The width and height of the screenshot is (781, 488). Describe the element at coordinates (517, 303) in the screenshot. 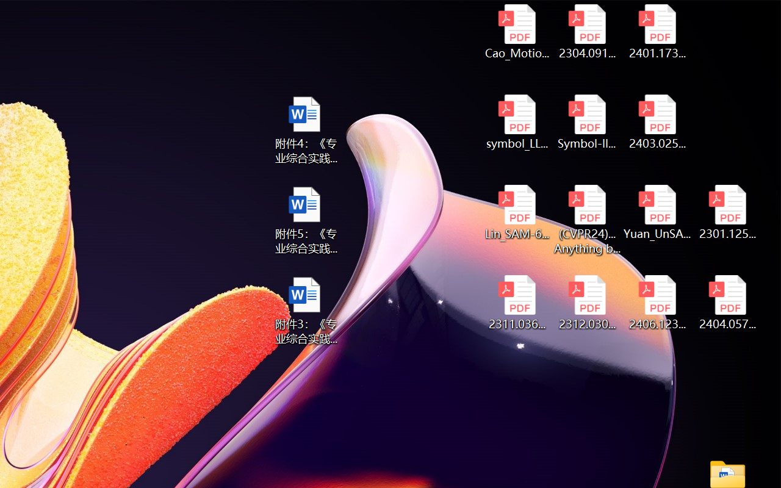

I see `'2311.03658v2.pdf'` at that location.